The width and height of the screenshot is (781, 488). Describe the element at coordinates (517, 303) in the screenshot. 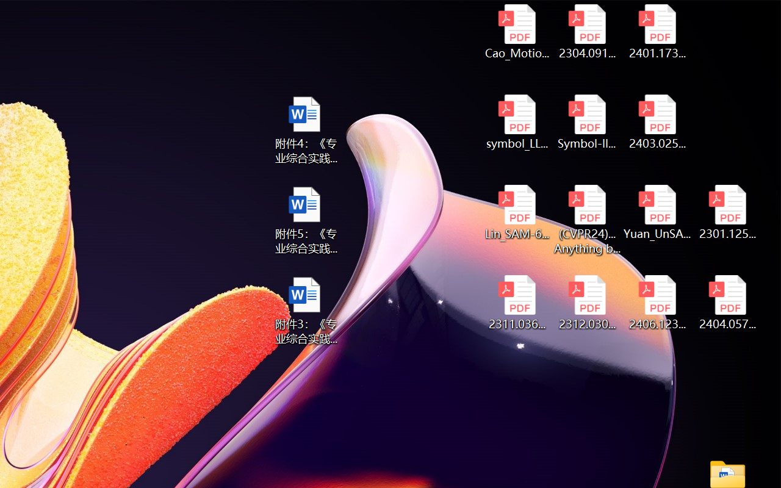

I see `'2311.03658v2.pdf'` at that location.